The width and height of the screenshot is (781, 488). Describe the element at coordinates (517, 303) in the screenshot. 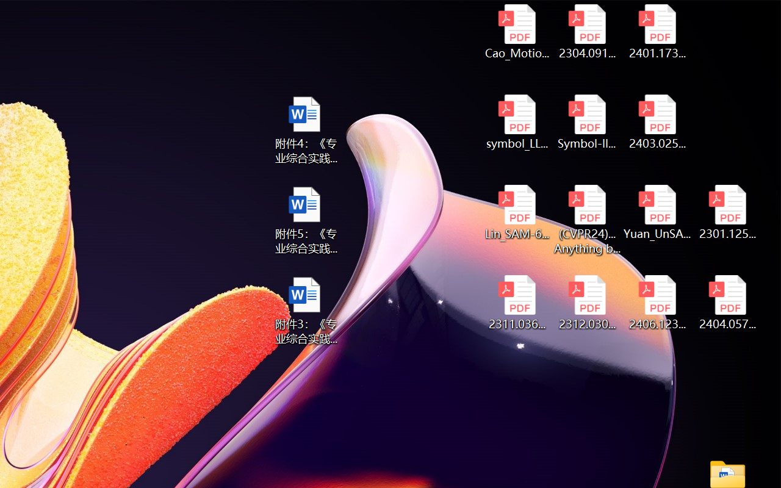

I see `'2311.03658v2.pdf'` at that location.